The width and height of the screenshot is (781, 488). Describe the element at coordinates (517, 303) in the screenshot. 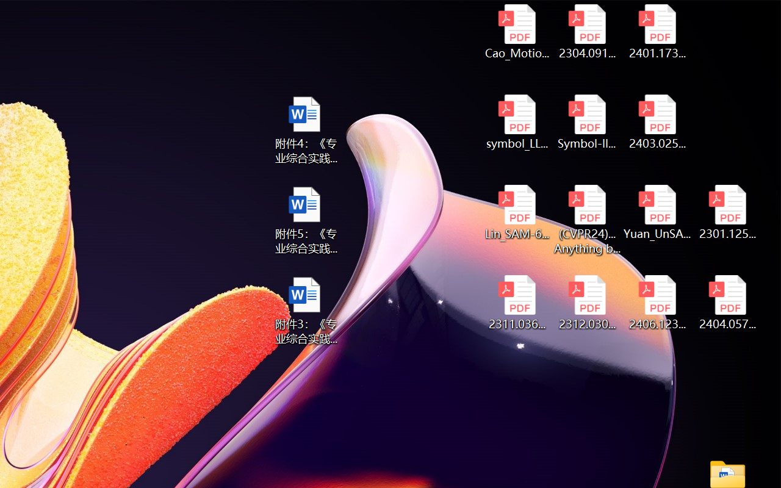

I see `'2311.03658v2.pdf'` at that location.